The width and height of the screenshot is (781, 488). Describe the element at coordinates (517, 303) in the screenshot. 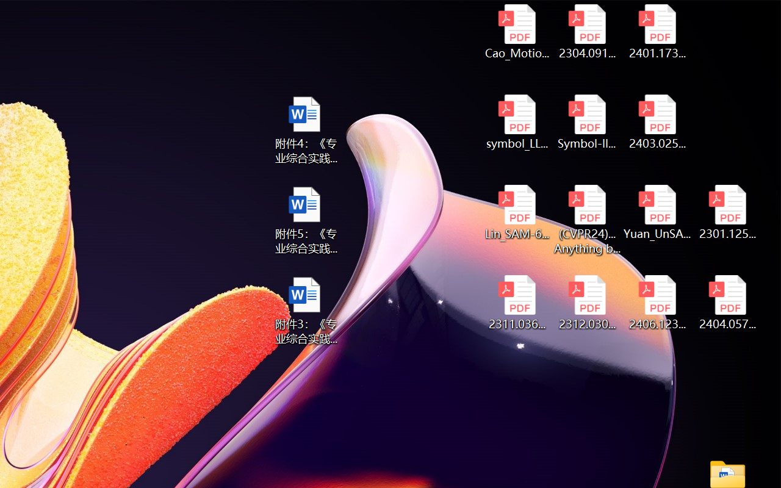

I see `'2311.03658v2.pdf'` at that location.